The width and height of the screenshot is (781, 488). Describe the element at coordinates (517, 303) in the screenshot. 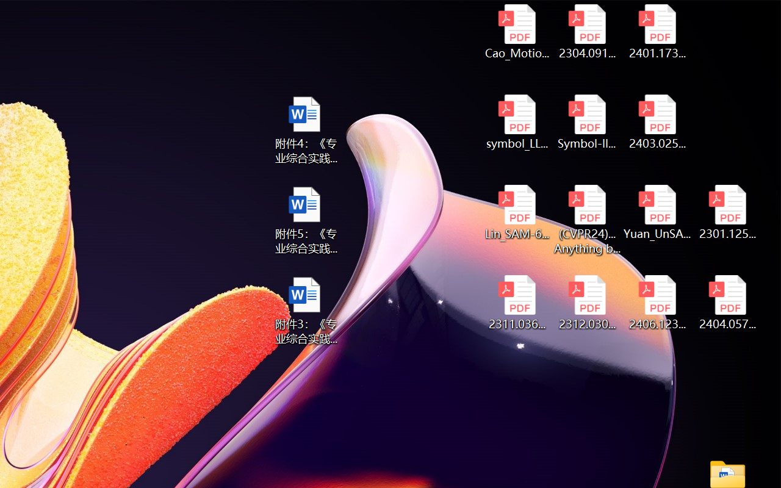

I see `'2311.03658v2.pdf'` at that location.